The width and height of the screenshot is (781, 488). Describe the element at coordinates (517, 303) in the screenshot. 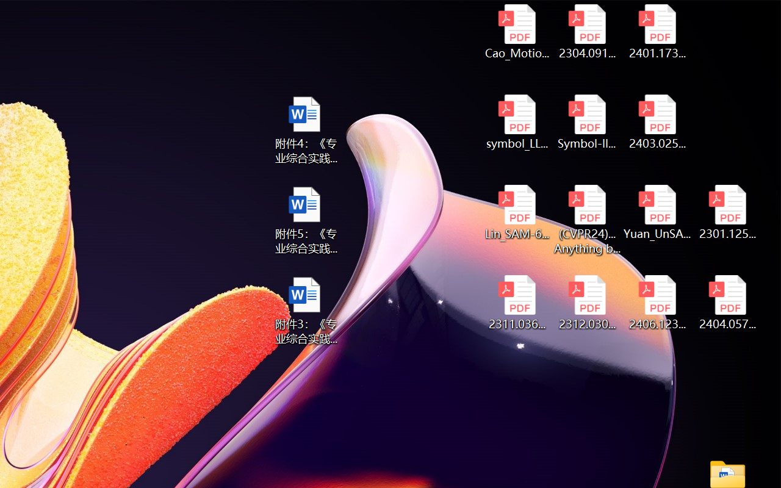

I see `'2311.03658v2.pdf'` at that location.